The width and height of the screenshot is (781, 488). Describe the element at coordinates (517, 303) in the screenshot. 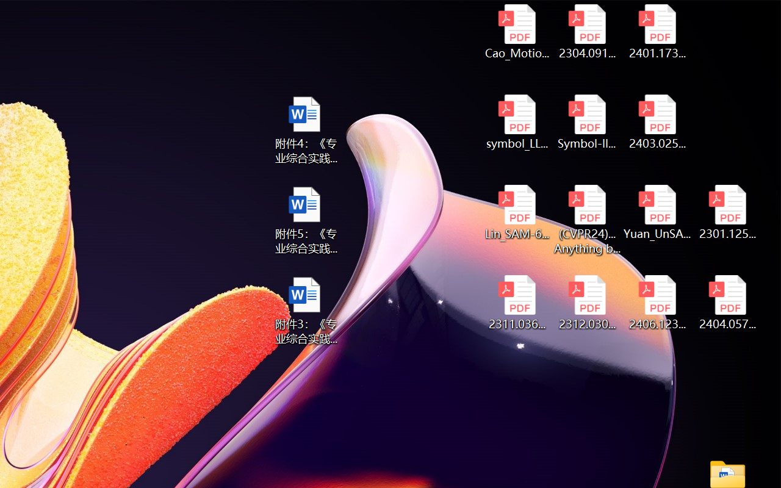

I see `'2311.03658v2.pdf'` at that location.